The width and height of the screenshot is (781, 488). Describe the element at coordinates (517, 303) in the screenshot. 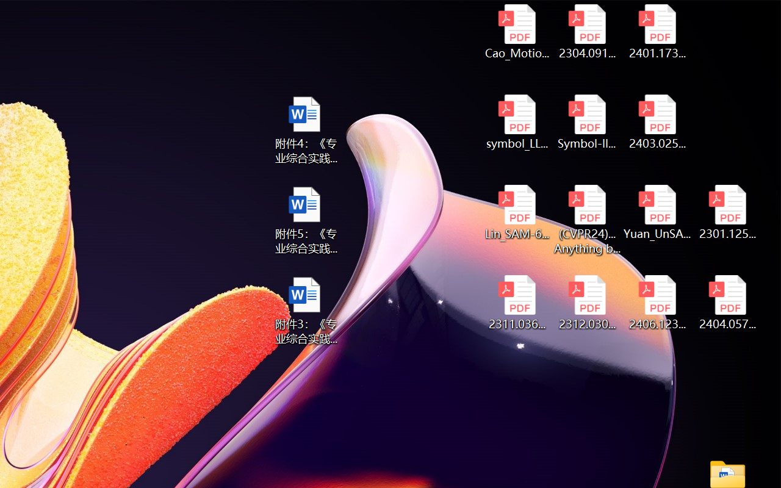

I see `'2311.03658v2.pdf'` at that location.